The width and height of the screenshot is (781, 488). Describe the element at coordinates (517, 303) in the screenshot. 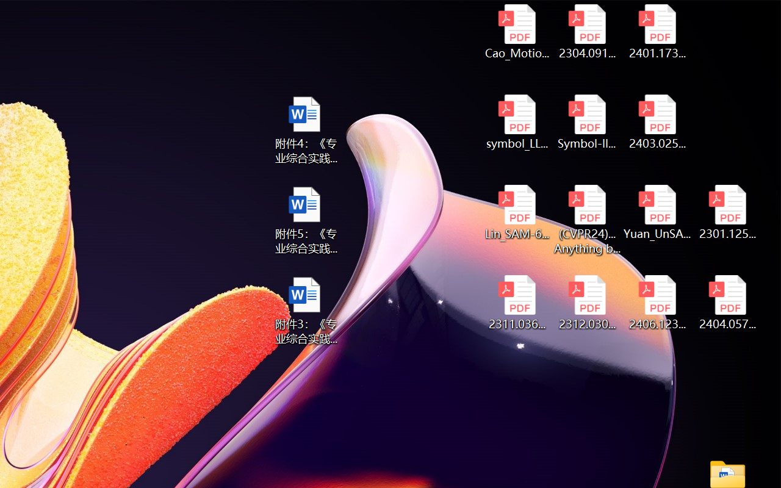

I see `'2311.03658v2.pdf'` at that location.